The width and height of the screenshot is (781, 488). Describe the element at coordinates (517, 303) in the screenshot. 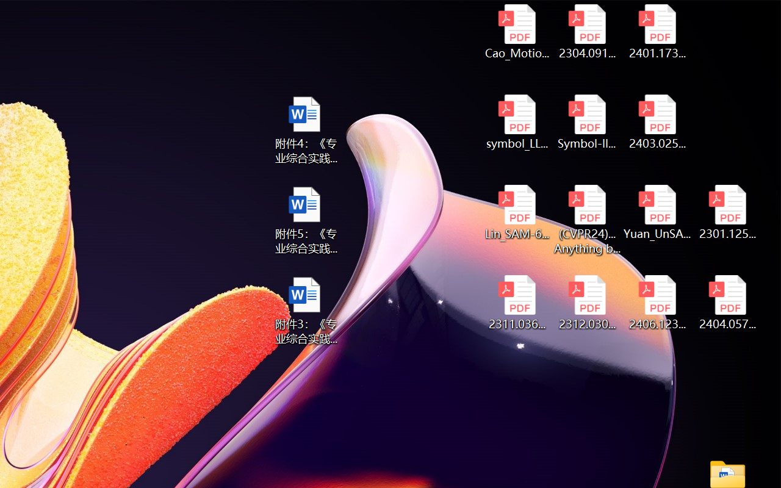

I see `'2311.03658v2.pdf'` at that location.